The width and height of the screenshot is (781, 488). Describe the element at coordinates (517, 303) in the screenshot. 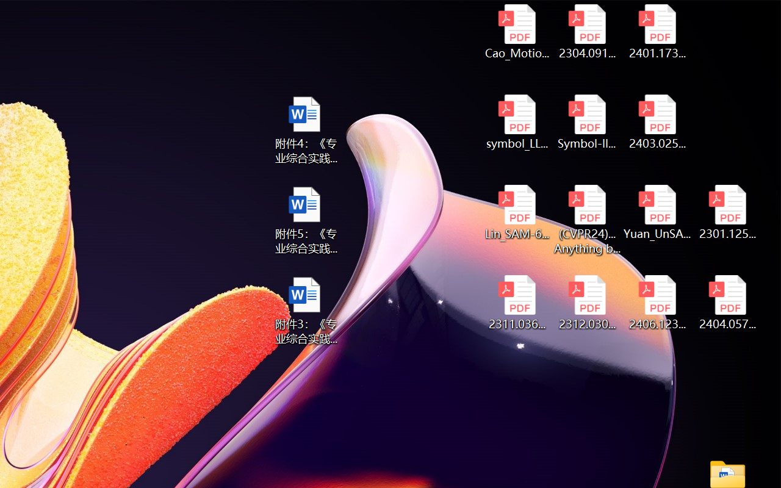

I see `'2311.03658v2.pdf'` at that location.